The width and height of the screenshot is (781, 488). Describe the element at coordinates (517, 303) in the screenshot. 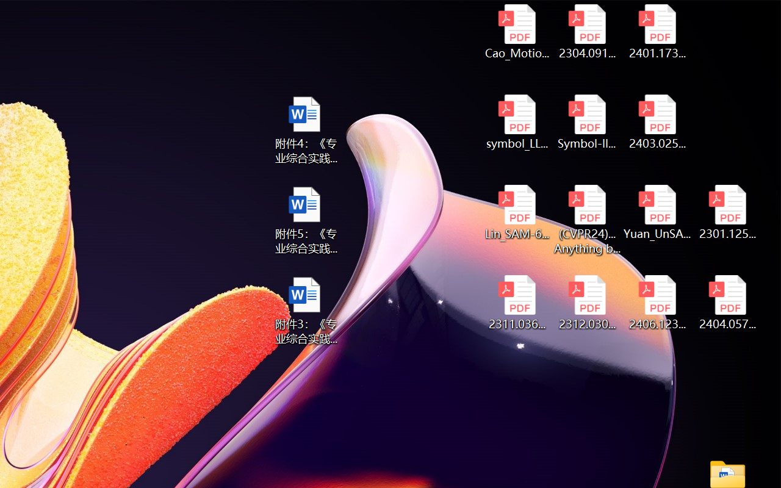

I see `'2311.03658v2.pdf'` at that location.